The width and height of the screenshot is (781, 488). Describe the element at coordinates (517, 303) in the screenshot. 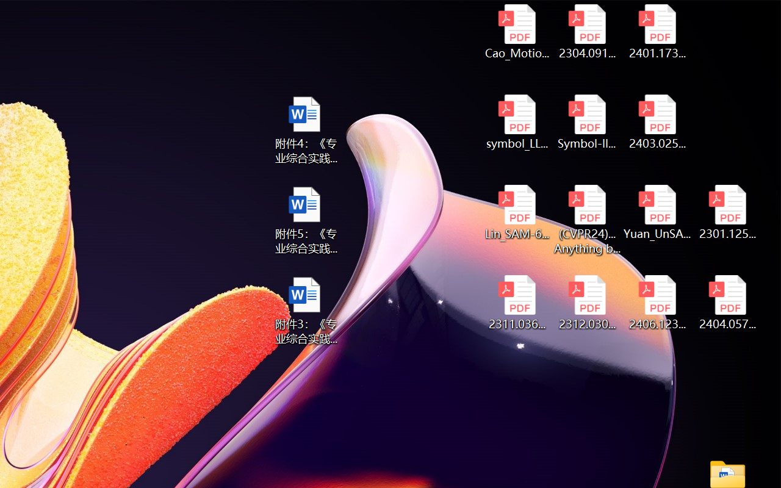

I see `'2311.03658v2.pdf'` at that location.